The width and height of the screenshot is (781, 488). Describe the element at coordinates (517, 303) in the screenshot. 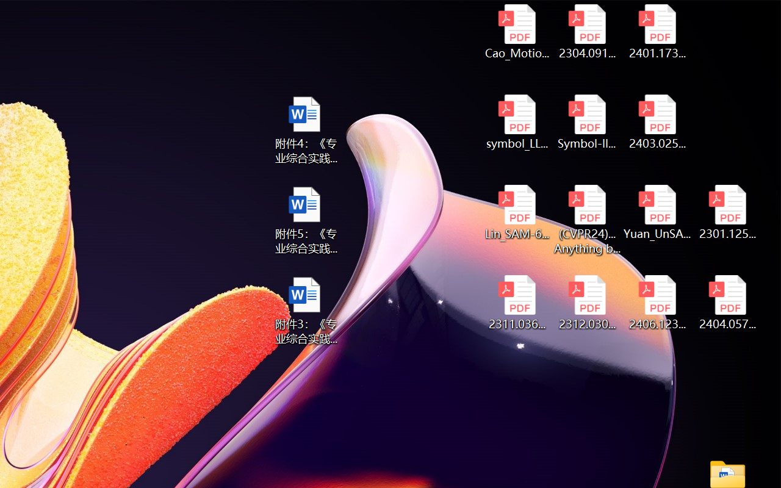

I see `'2311.03658v2.pdf'` at that location.